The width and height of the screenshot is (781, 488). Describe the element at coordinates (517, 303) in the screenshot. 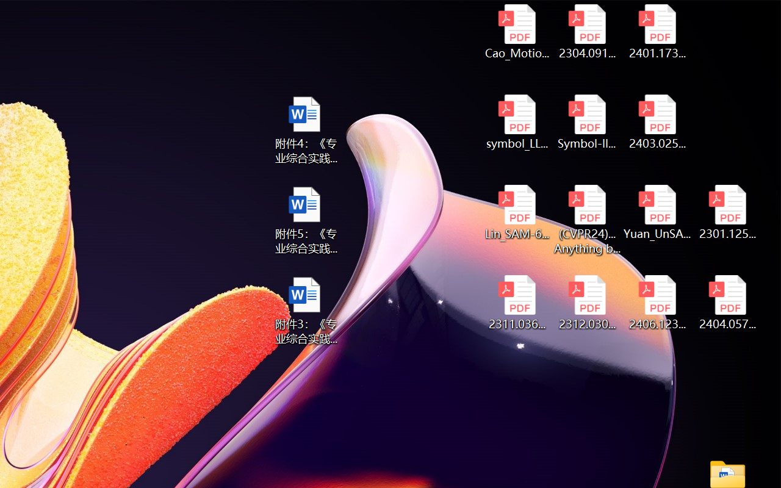

I see `'2311.03658v2.pdf'` at that location.